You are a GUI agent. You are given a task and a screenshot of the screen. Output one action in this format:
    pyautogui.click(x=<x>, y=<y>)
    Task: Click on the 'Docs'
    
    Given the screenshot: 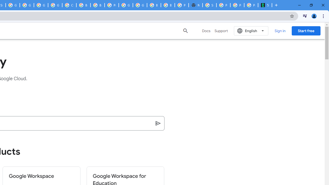 What is the action you would take?
    pyautogui.click(x=206, y=31)
    